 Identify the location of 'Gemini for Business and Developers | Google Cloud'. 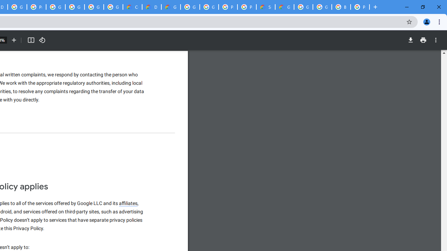
(171, 7).